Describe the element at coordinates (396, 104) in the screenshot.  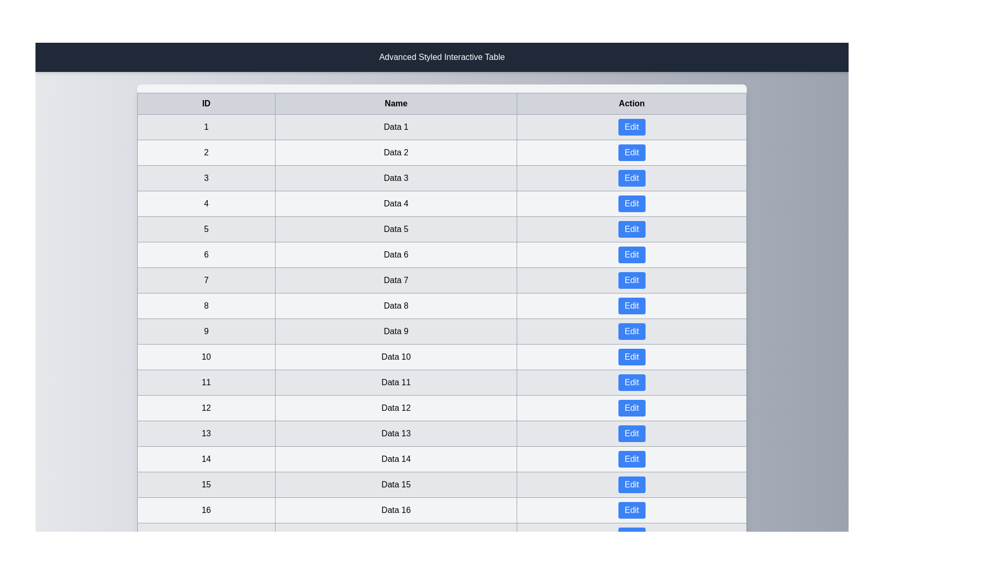
I see `the column header Name to sort the table` at that location.